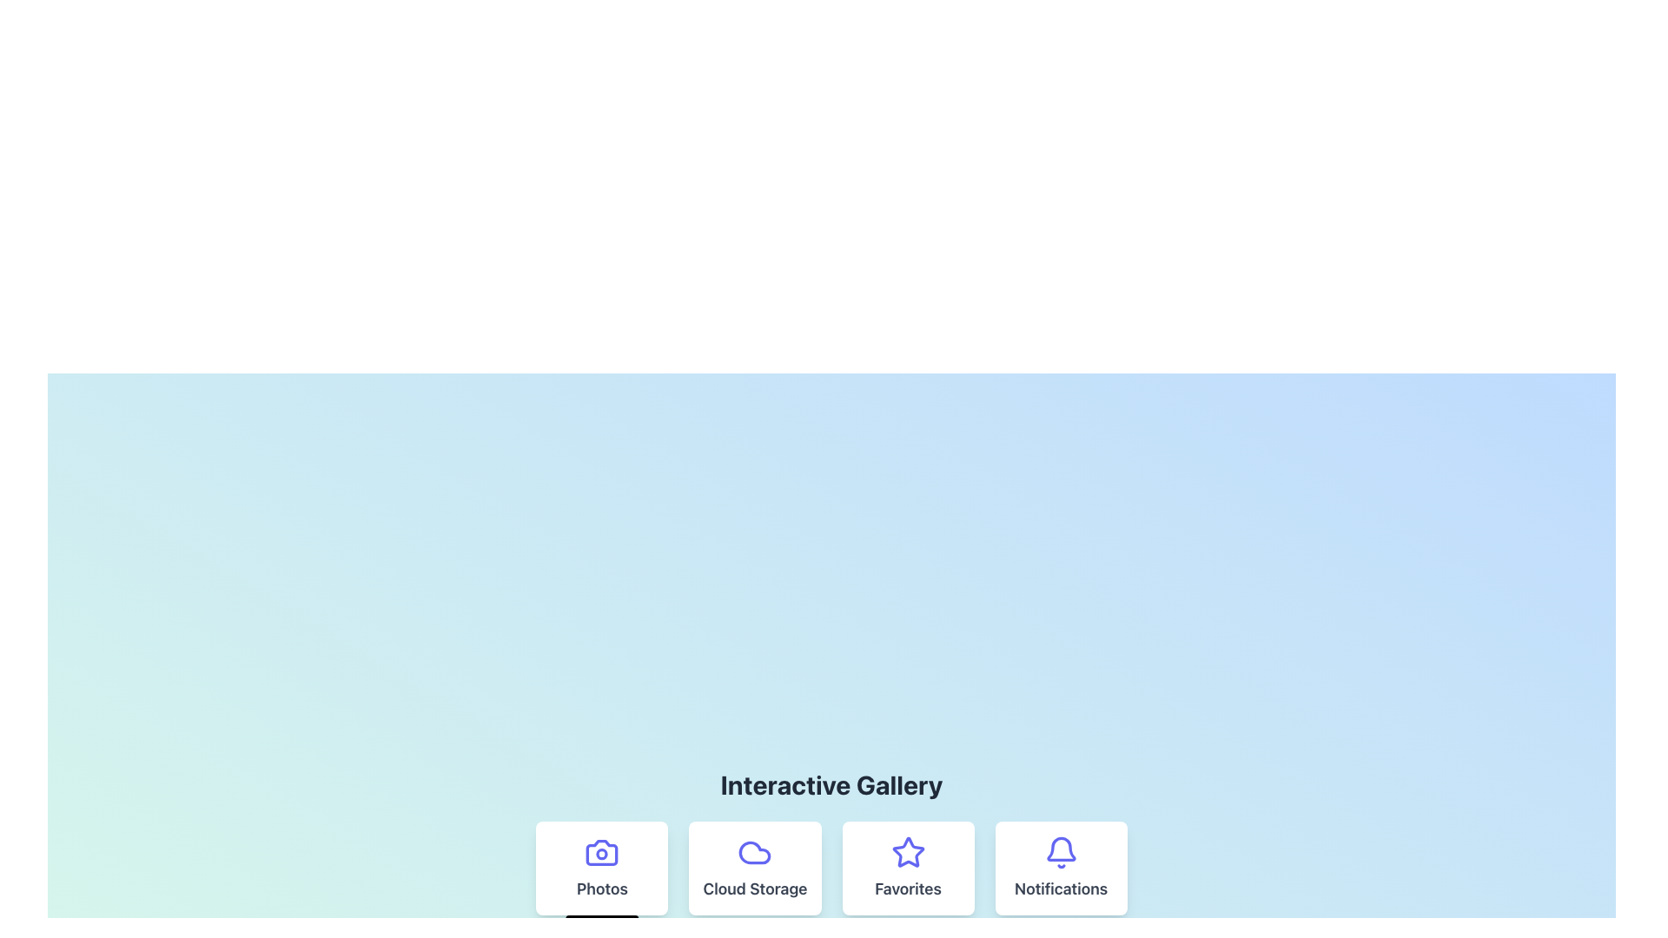  What do you see at coordinates (602, 852) in the screenshot?
I see `the camera icon, which is centered above the 'Photos' label within the first card of four similar cards` at bounding box center [602, 852].